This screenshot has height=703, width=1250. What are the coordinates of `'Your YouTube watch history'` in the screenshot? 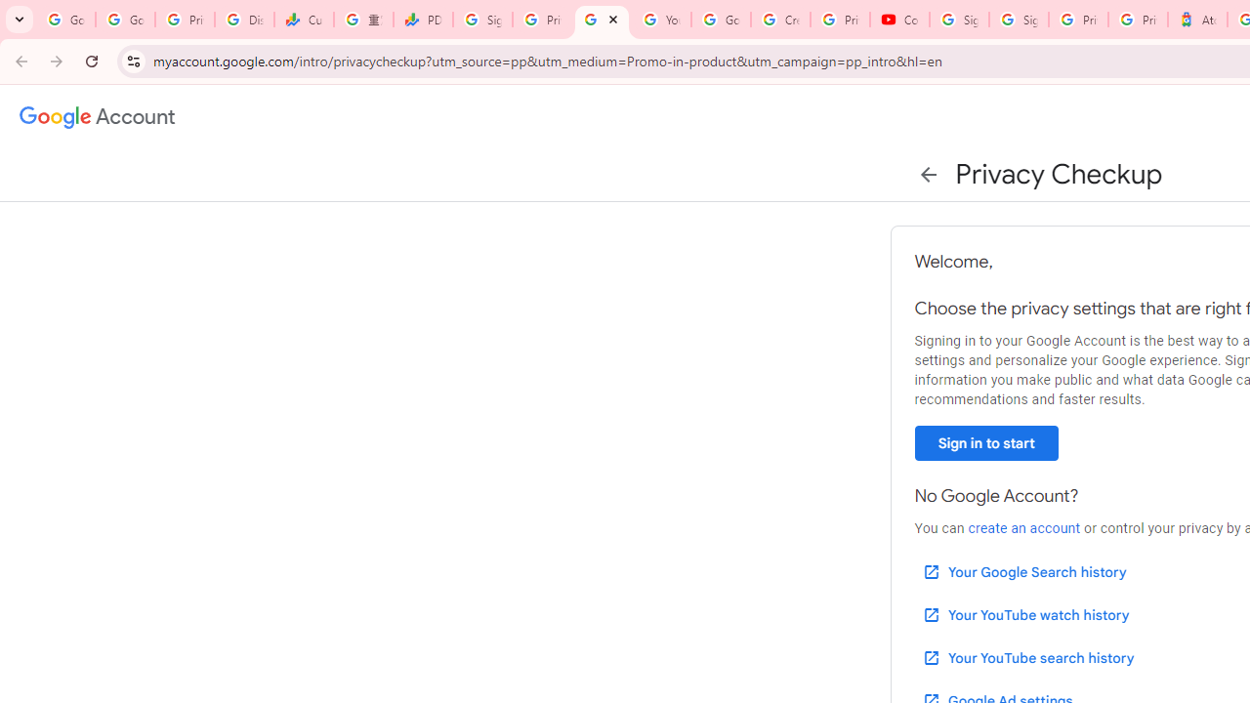 It's located at (1024, 615).